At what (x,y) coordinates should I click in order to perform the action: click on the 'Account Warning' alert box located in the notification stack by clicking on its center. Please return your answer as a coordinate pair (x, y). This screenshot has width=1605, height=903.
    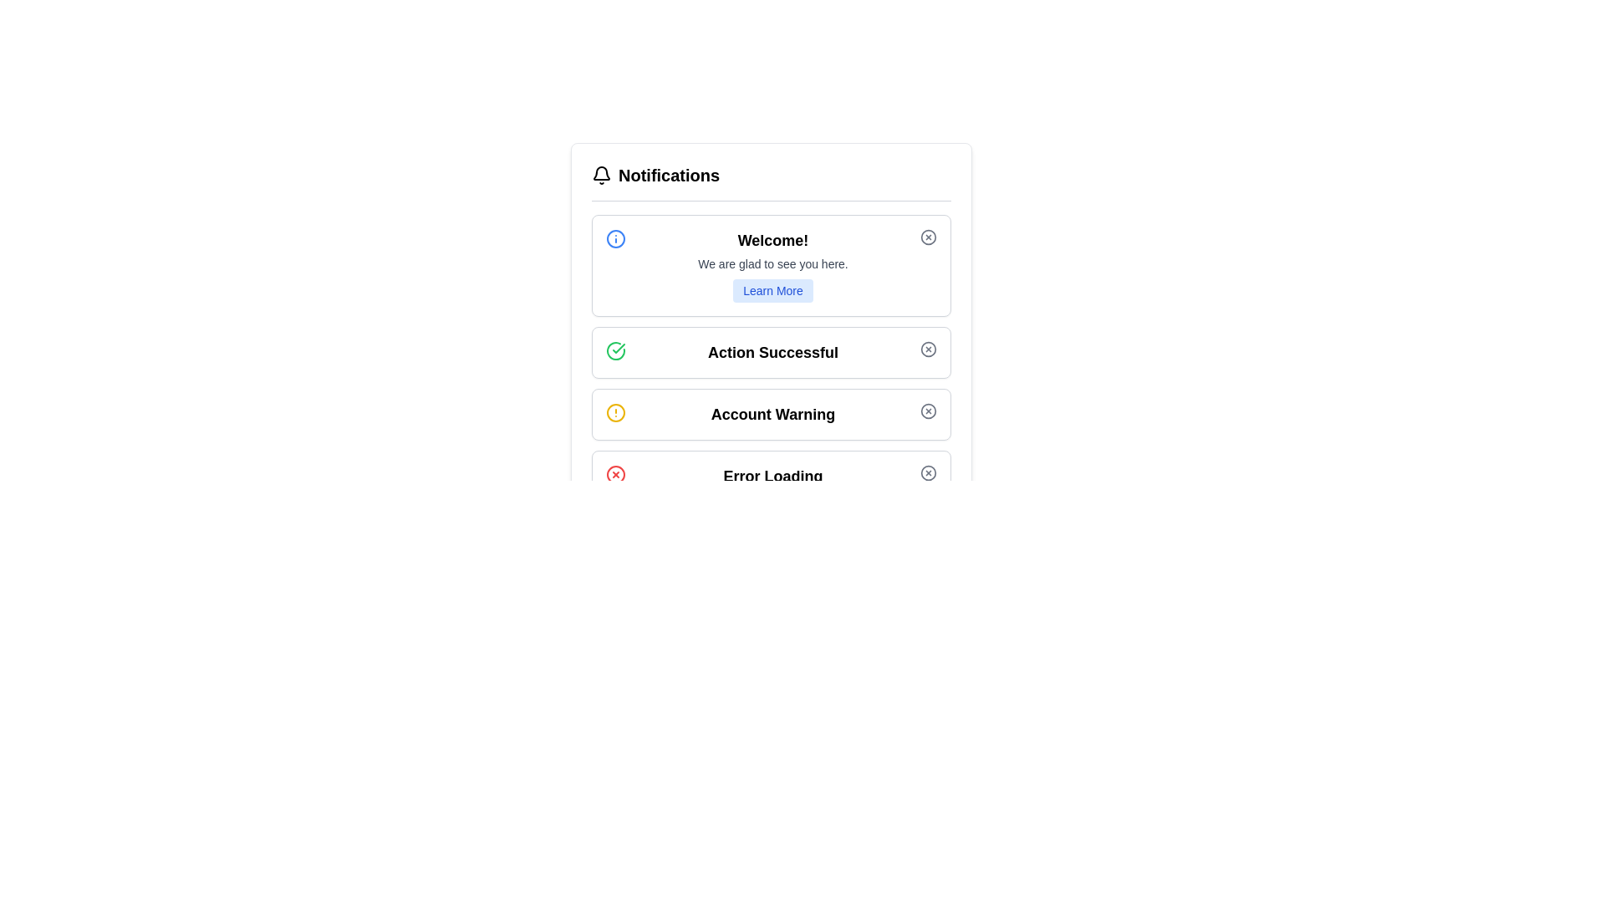
    Looking at the image, I should click on (770, 414).